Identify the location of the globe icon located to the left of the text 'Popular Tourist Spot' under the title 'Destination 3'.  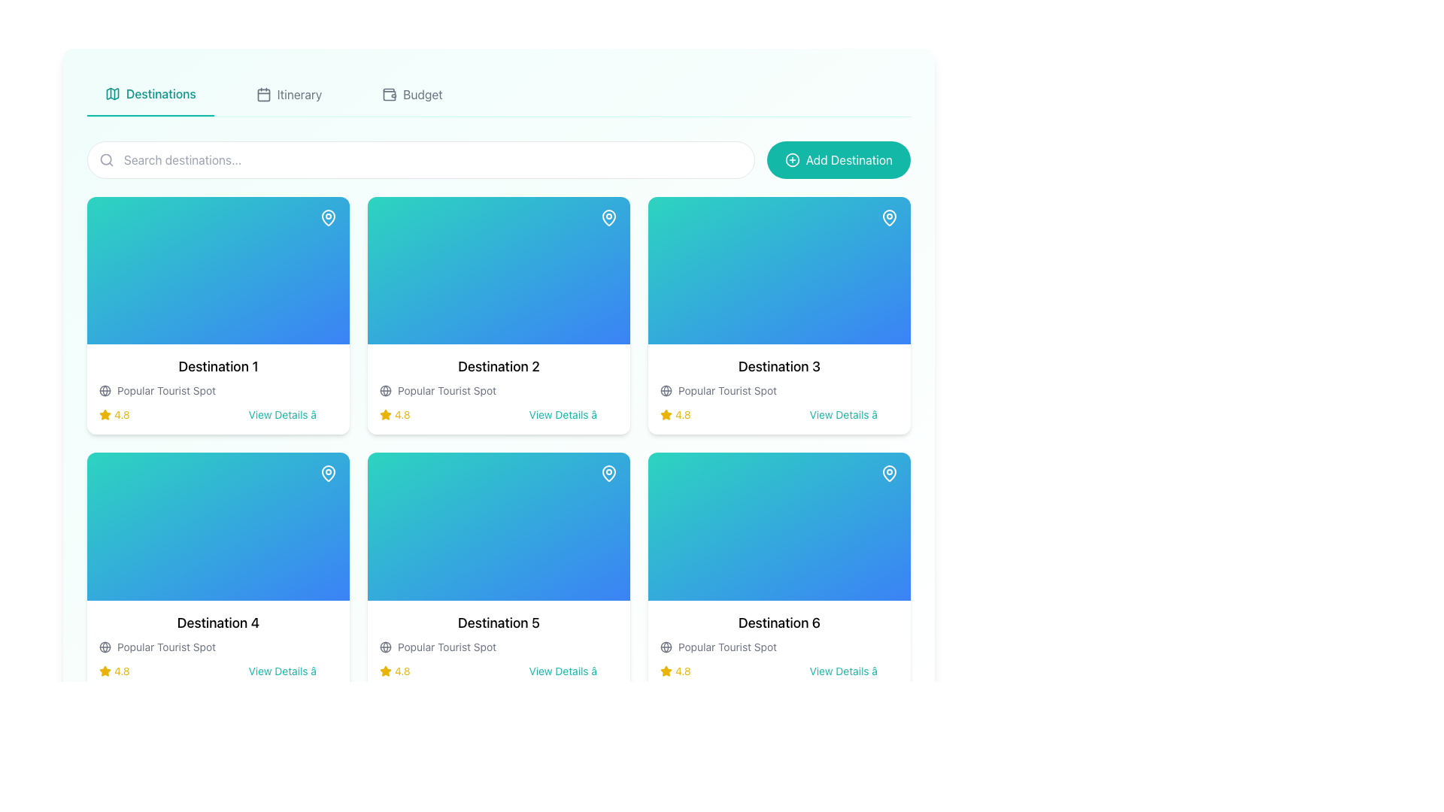
(104, 390).